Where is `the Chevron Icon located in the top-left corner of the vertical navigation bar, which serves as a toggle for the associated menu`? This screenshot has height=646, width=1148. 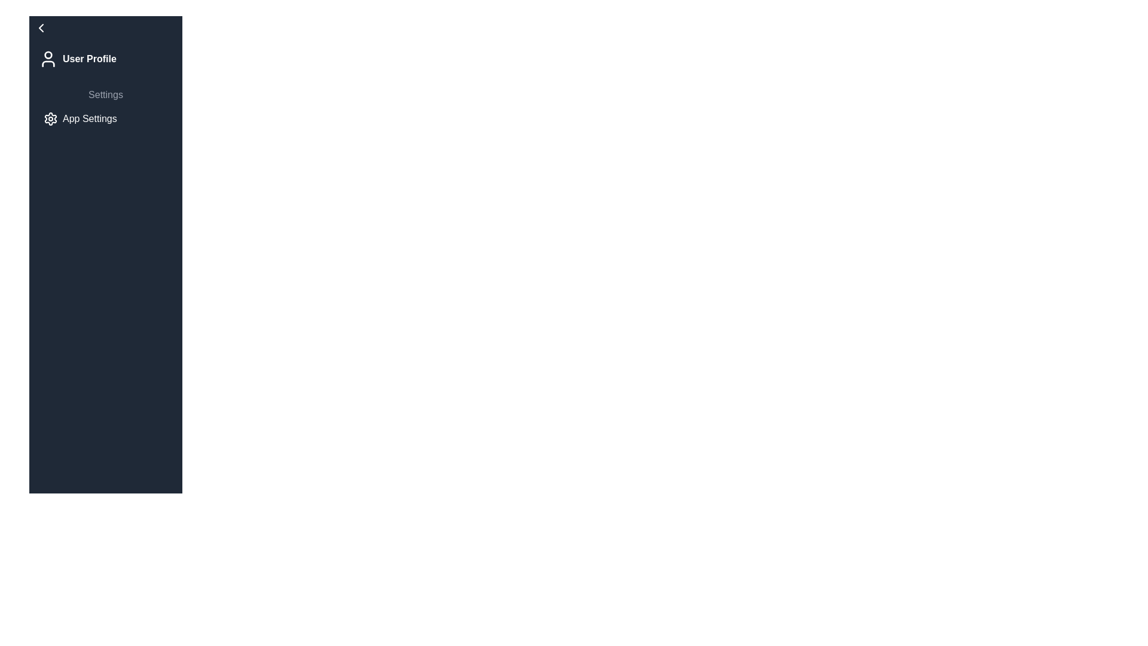 the Chevron Icon located in the top-left corner of the vertical navigation bar, which serves as a toggle for the associated menu is located at coordinates (41, 27).